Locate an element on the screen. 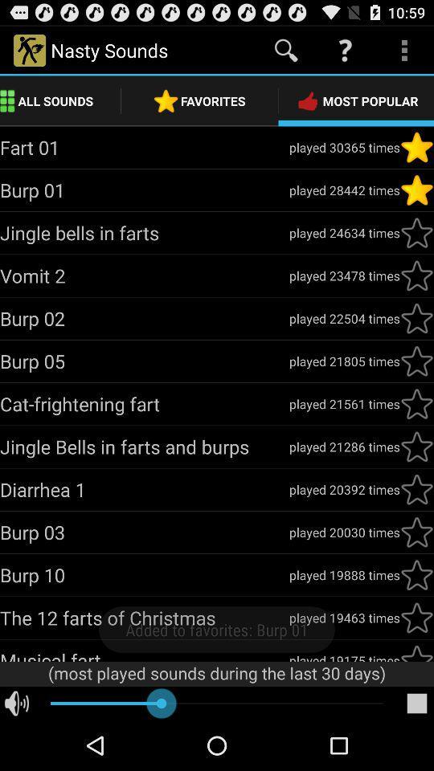  make a favorite is located at coordinates (416, 652).